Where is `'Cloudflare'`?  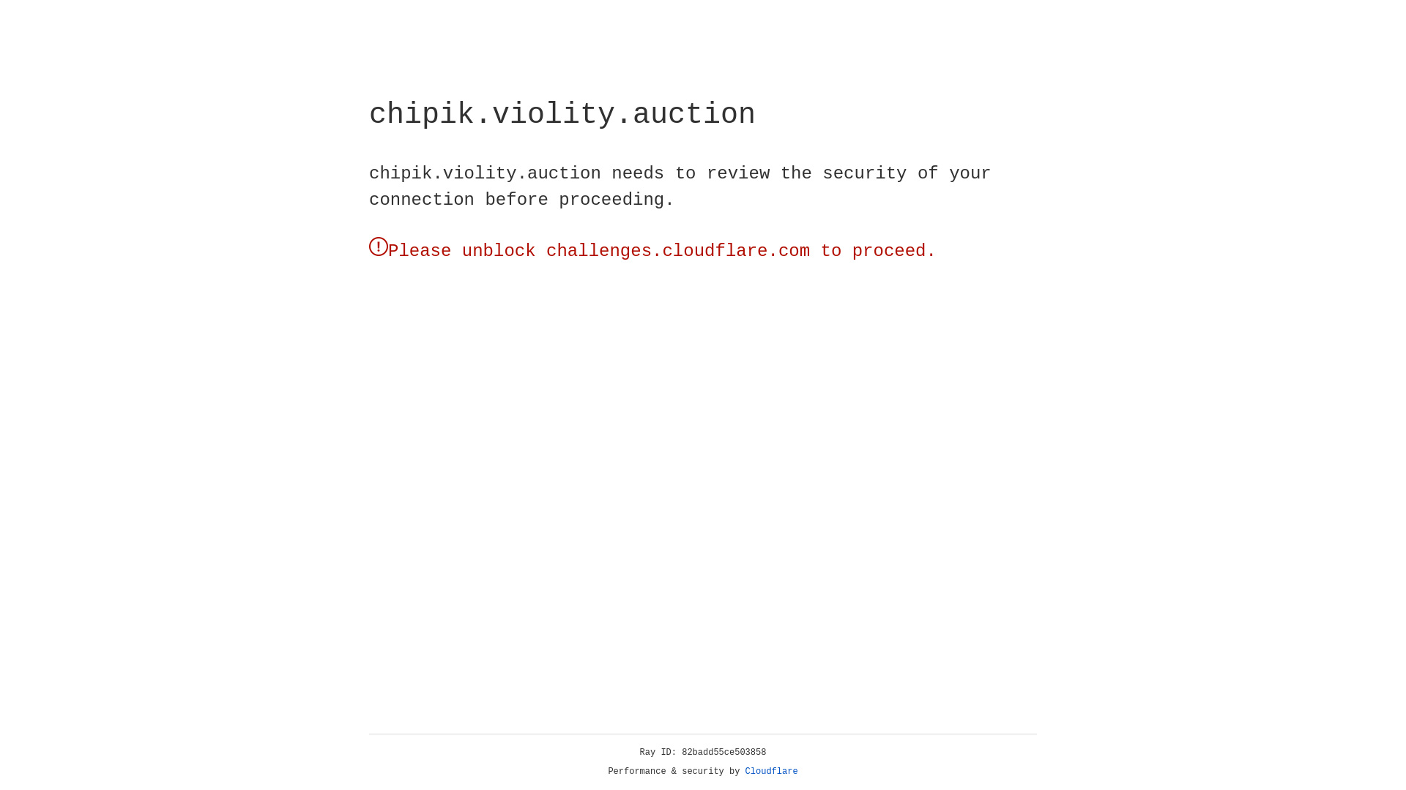 'Cloudflare' is located at coordinates (771, 771).